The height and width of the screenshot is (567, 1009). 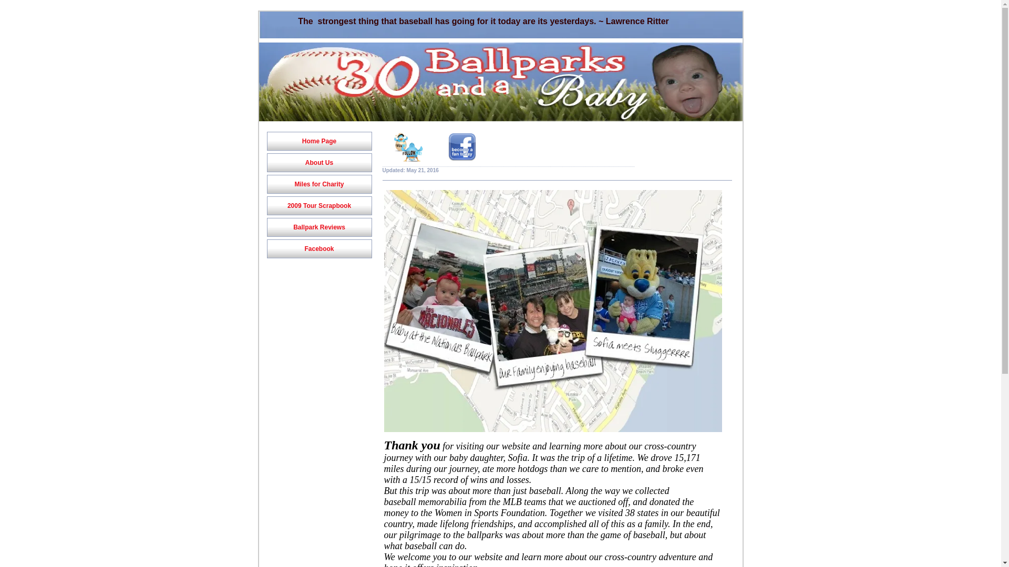 What do you see at coordinates (318, 206) in the screenshot?
I see `'2009 Tour Scrapbook'` at bounding box center [318, 206].